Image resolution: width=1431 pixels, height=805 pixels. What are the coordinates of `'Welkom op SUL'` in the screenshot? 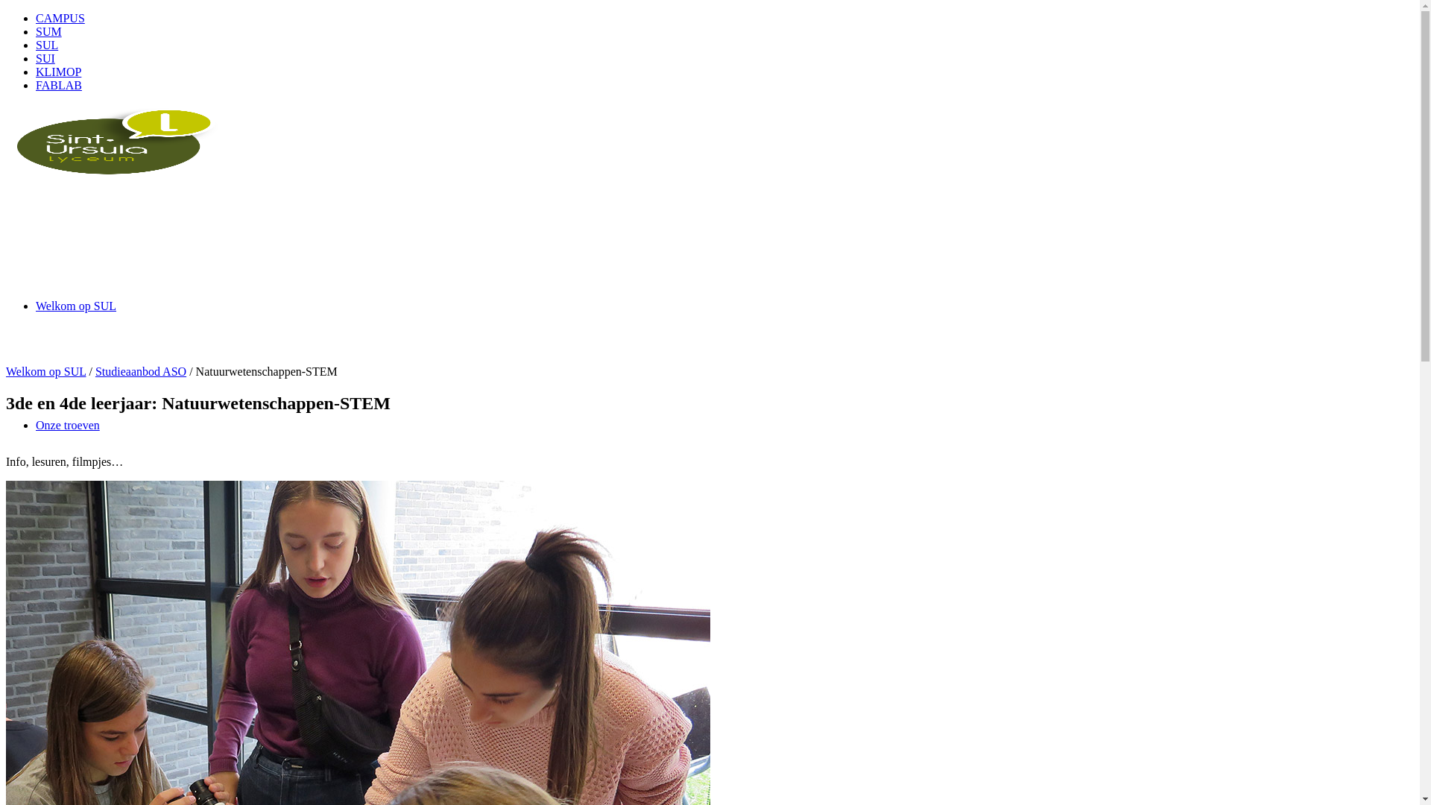 It's located at (6, 370).